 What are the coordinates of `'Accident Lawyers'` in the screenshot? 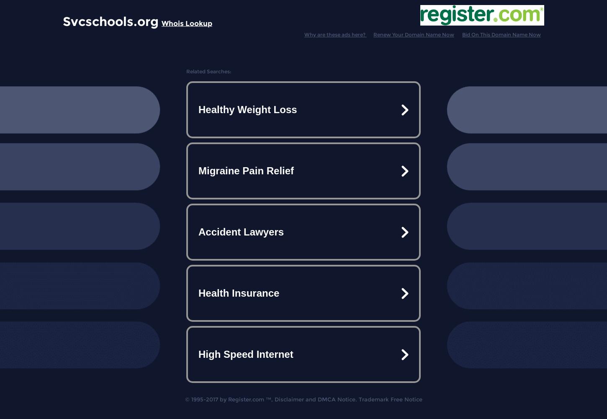 It's located at (241, 232).